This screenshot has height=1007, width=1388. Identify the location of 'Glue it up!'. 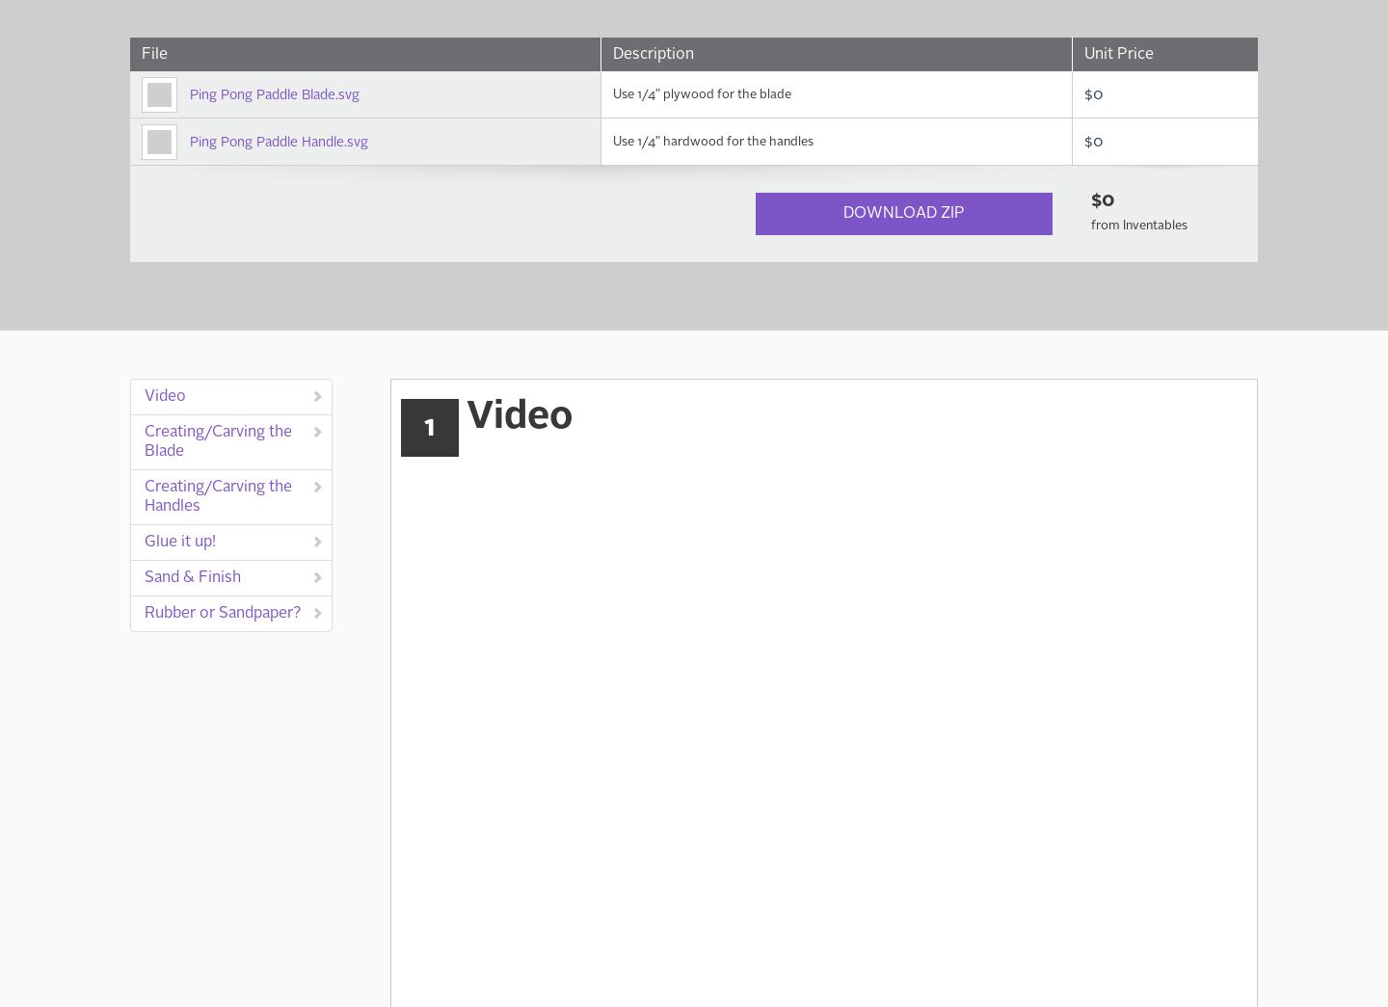
(144, 543).